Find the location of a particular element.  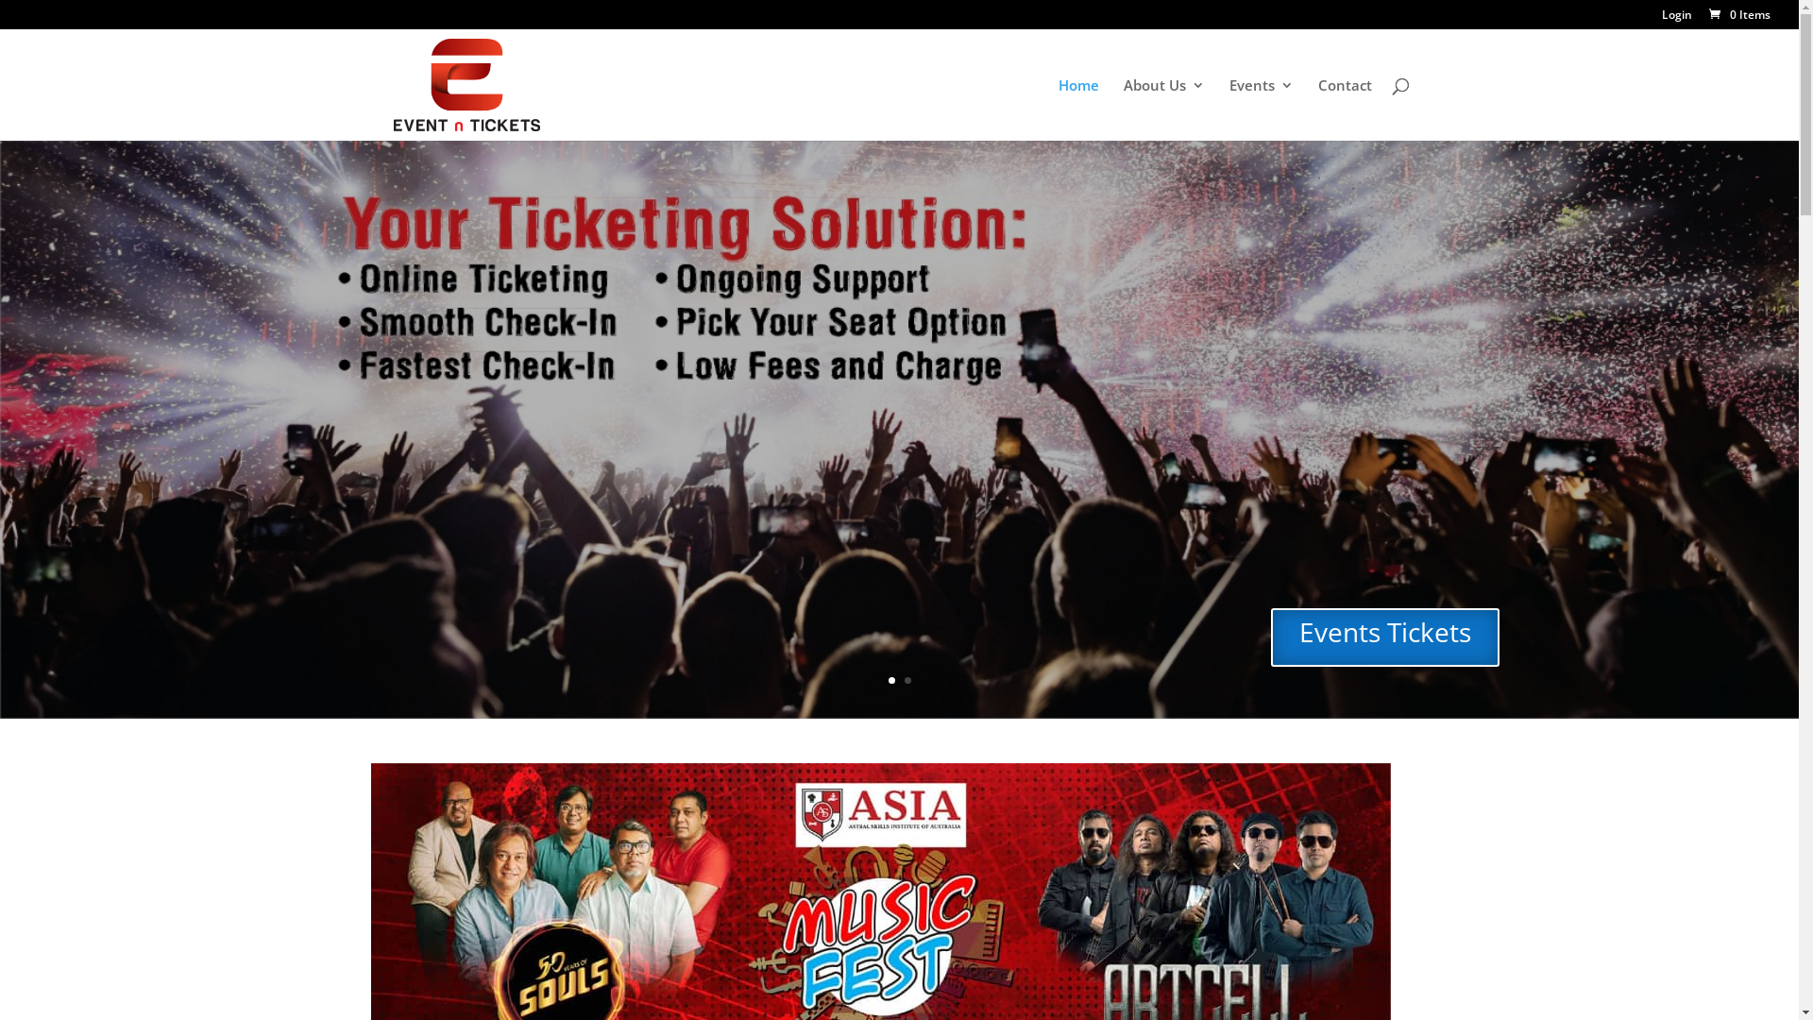

'Login' is located at coordinates (1677, 19).